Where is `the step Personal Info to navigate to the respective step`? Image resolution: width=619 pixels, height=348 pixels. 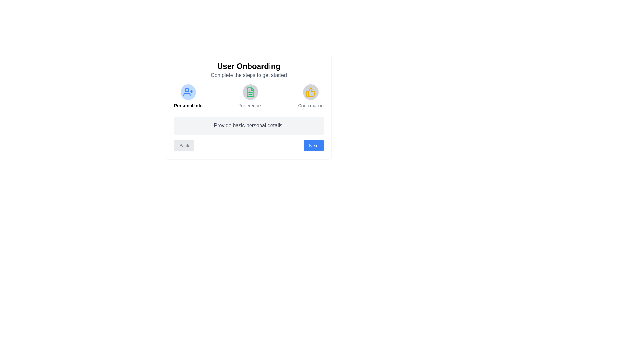
the step Personal Info to navigate to the respective step is located at coordinates (188, 97).